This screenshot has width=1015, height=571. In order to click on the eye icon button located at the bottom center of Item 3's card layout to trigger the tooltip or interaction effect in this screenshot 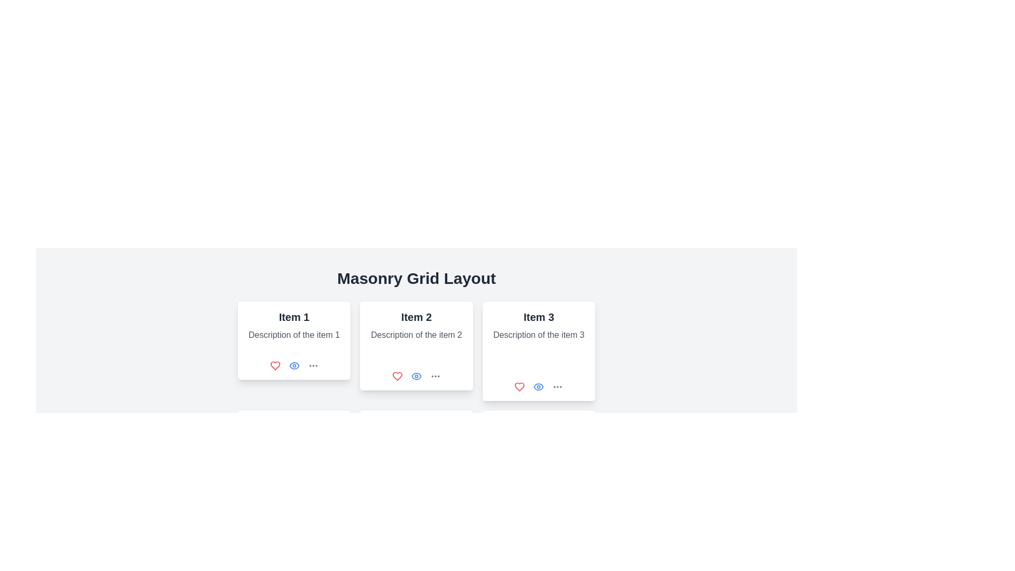, I will do `click(539, 387)`.